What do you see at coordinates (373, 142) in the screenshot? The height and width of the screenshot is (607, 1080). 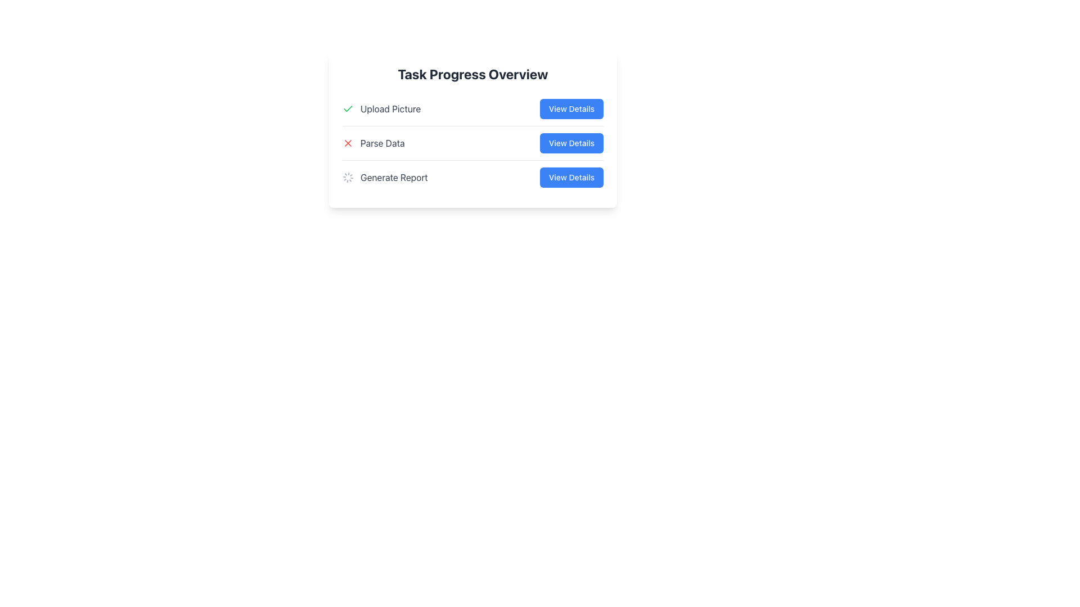 I see `the 'Parse Data' label with a red 'X' icon in the Task Progress Overview section to indicate its status` at bounding box center [373, 142].